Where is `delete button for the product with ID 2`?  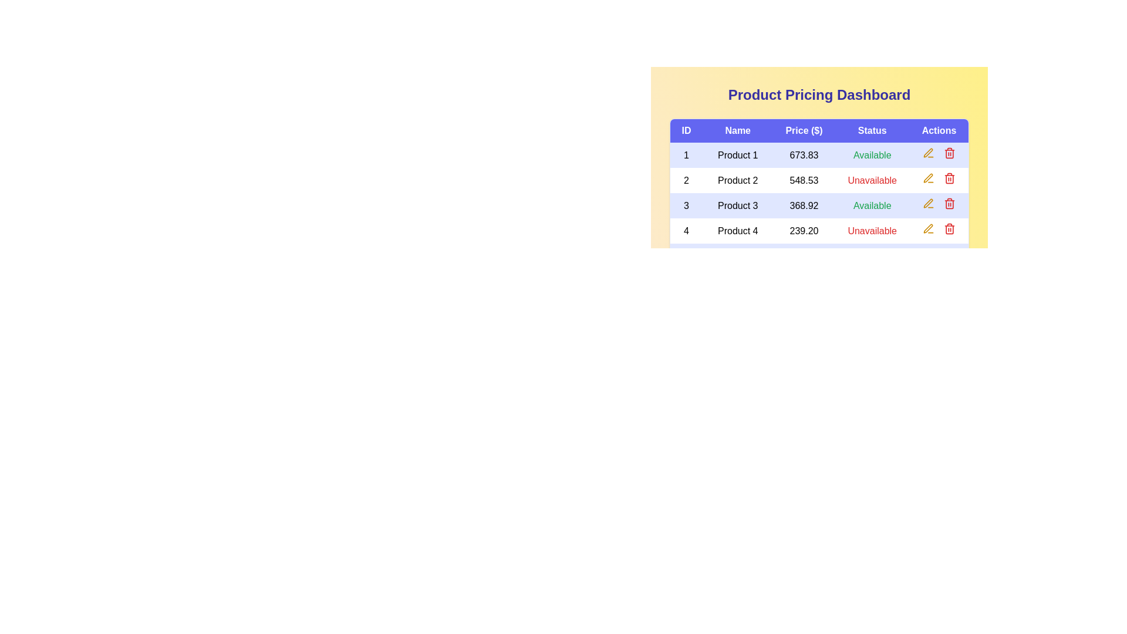 delete button for the product with ID 2 is located at coordinates (949, 178).